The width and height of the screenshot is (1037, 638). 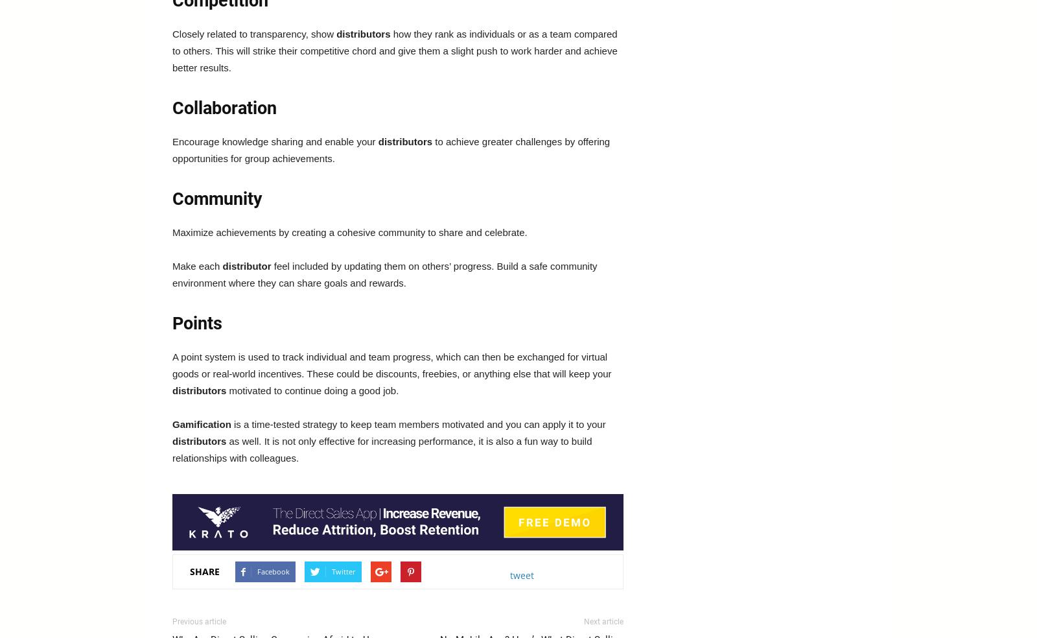 What do you see at coordinates (197, 266) in the screenshot?
I see `'Make each'` at bounding box center [197, 266].